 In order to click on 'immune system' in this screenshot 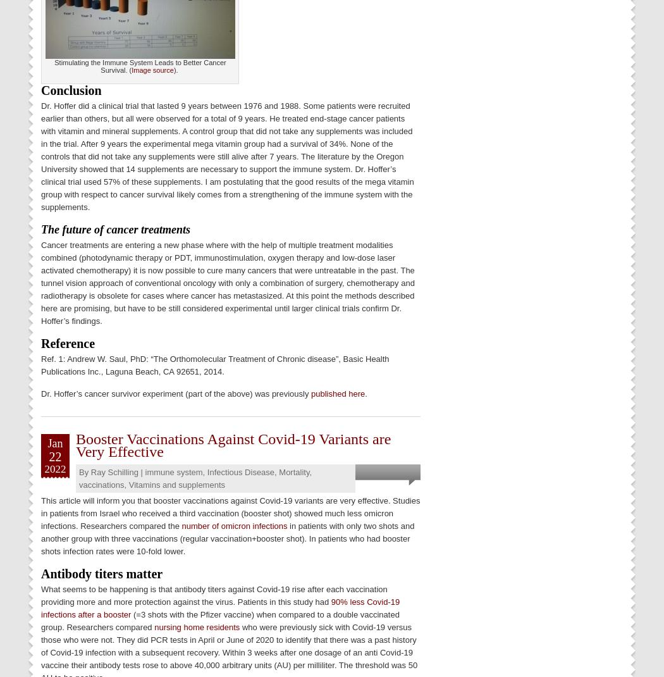, I will do `click(173, 471)`.